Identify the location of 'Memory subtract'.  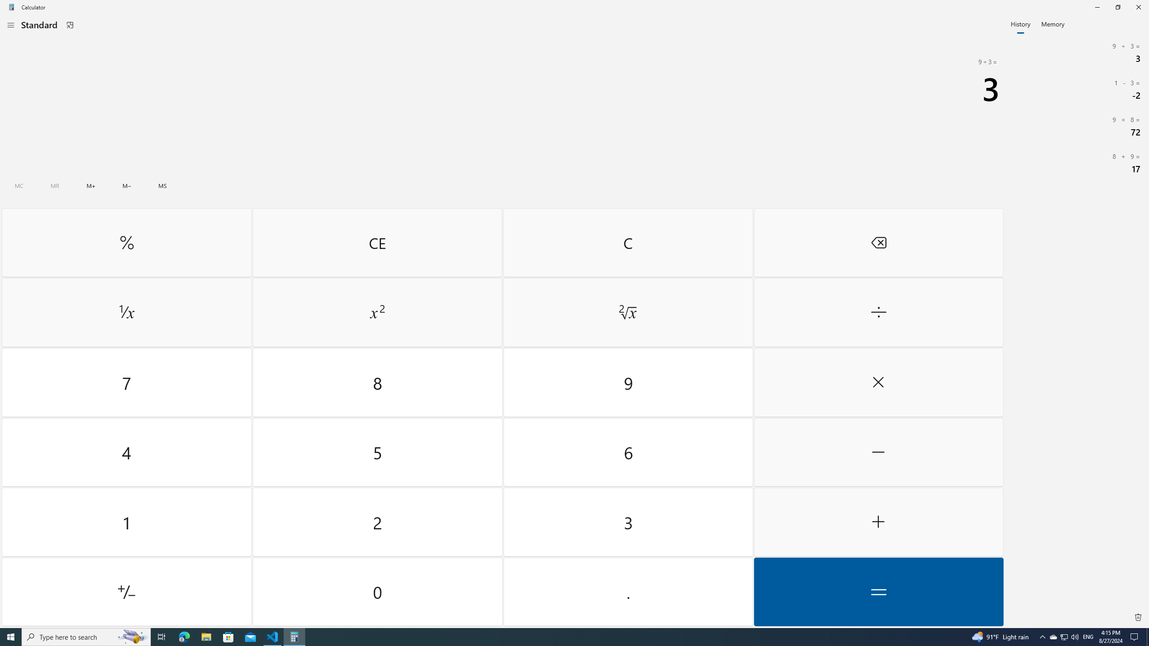
(126, 185).